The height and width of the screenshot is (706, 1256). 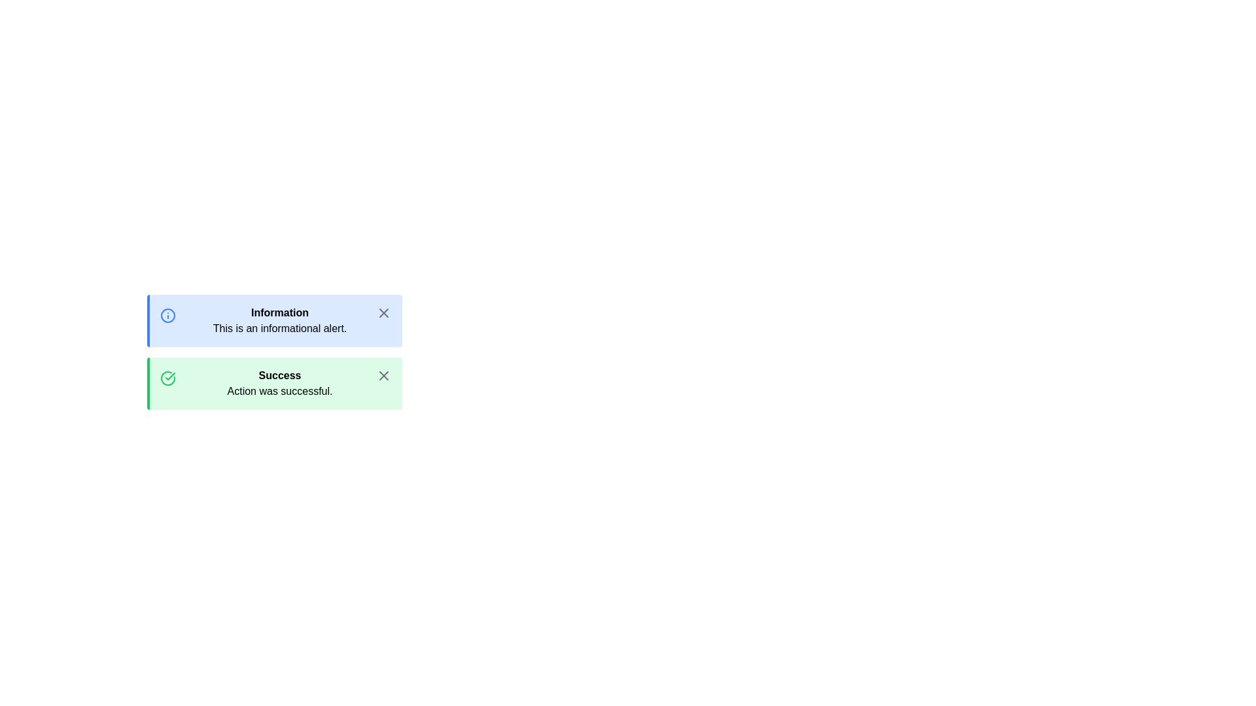 What do you see at coordinates (383, 312) in the screenshot?
I see `the Close Button, an 'X' icon located in the top-right corner of the blue alert box` at bounding box center [383, 312].